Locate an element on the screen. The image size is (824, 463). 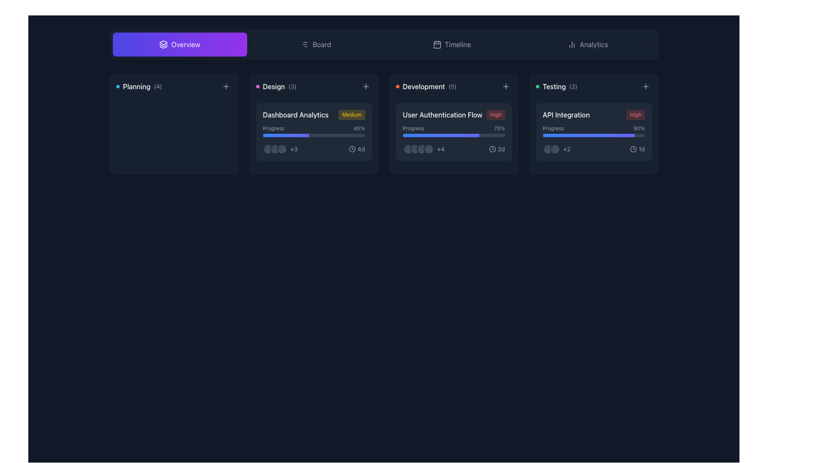
the displayed count of the static text indicator labeled '+4', which is located immediately to the right of the four overlapping circular avatars within the 'Development' card is located at coordinates (424, 148).